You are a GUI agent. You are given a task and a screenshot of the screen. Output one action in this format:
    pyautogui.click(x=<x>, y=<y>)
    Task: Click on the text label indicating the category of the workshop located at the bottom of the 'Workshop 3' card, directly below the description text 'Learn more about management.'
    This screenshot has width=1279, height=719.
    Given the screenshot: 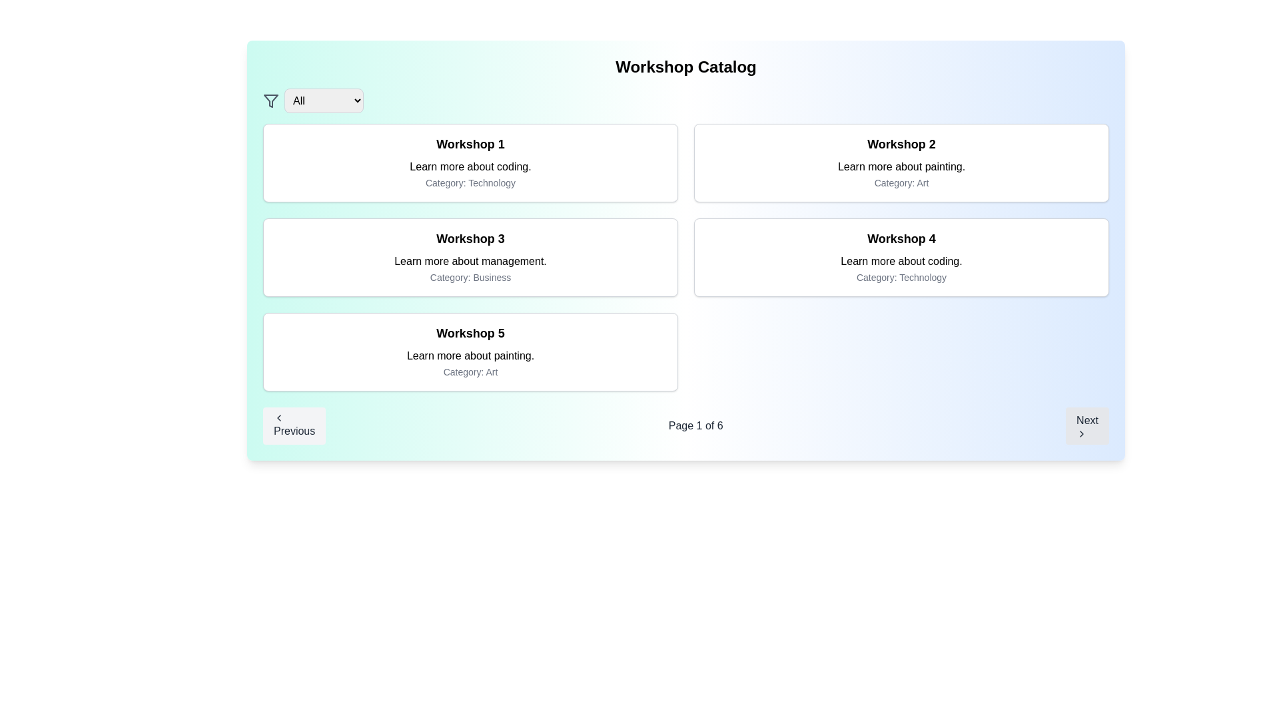 What is the action you would take?
    pyautogui.click(x=470, y=276)
    